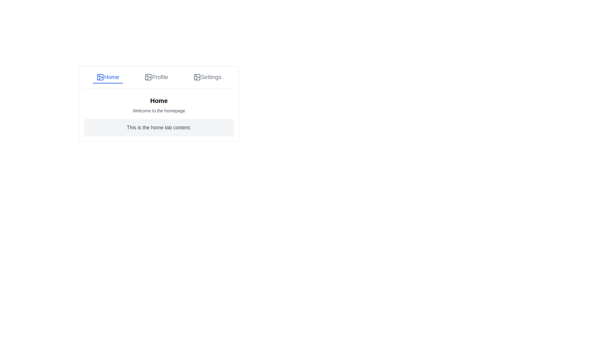  Describe the element at coordinates (197, 77) in the screenshot. I see `the icon resembling a picture frame containing a circle and a slanted line, located in the 'Settings' menu at the top-right corner of the navigation strip` at that location.